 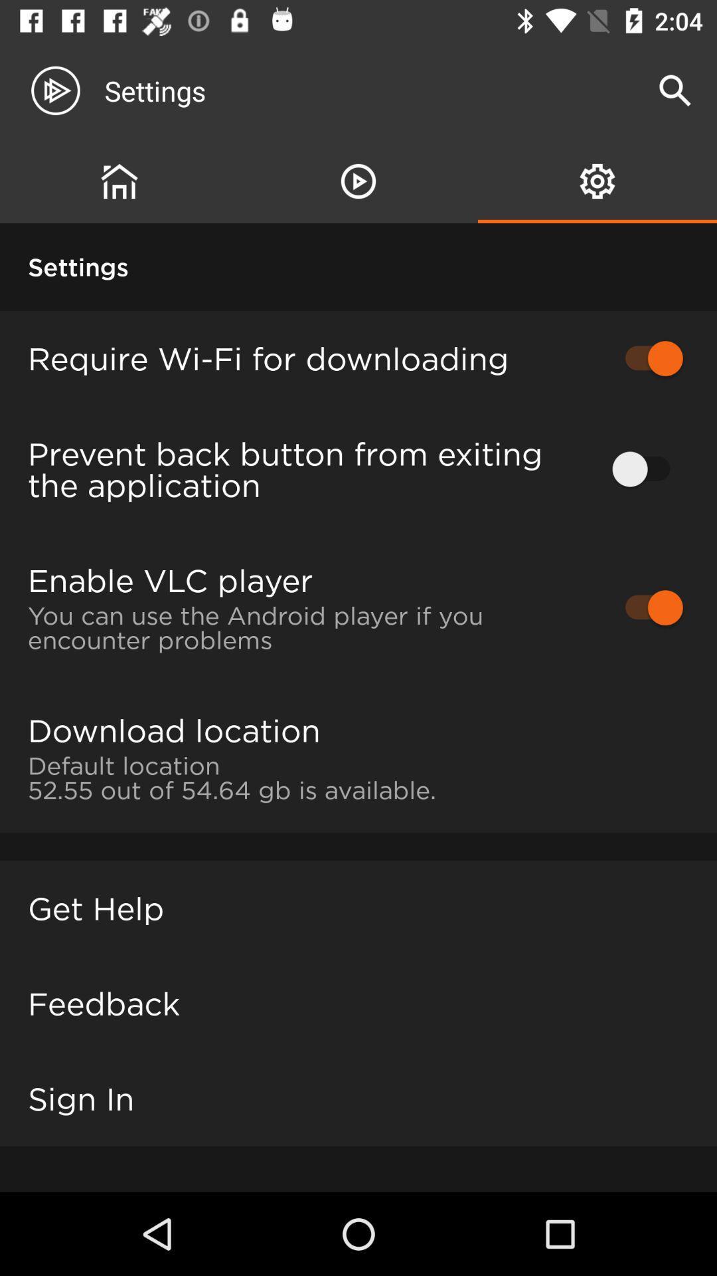 What do you see at coordinates (358, 181) in the screenshot?
I see `the play option right side of home icon` at bounding box center [358, 181].